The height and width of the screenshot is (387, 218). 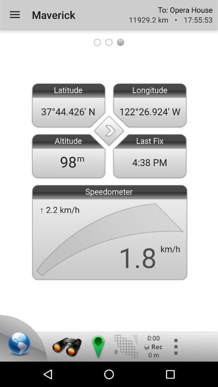 I want to click on button localization, so click(x=98, y=346).